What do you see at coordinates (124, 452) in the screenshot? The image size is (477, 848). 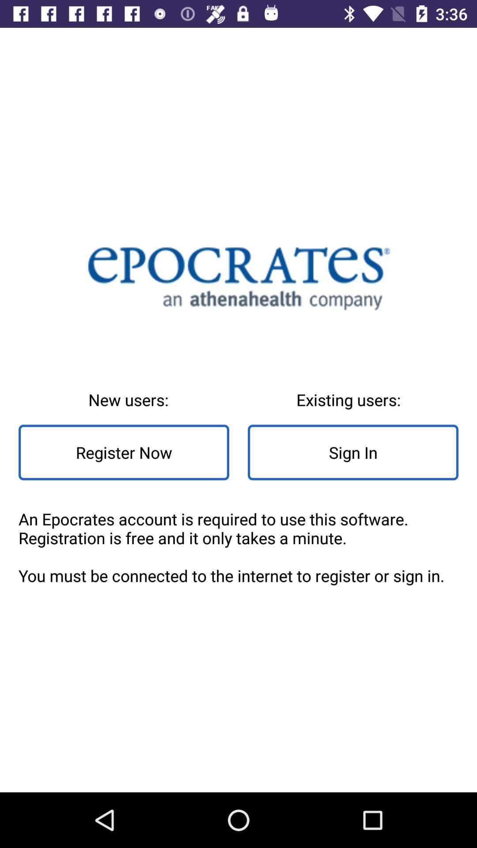 I see `item below new users: item` at bounding box center [124, 452].